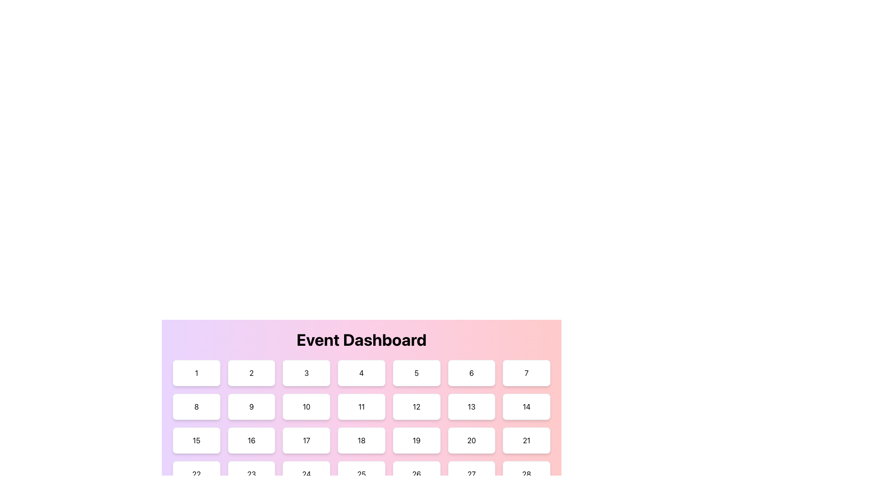 The image size is (875, 492). What do you see at coordinates (526, 440) in the screenshot?
I see `the square button labeled '21' which is` at bounding box center [526, 440].